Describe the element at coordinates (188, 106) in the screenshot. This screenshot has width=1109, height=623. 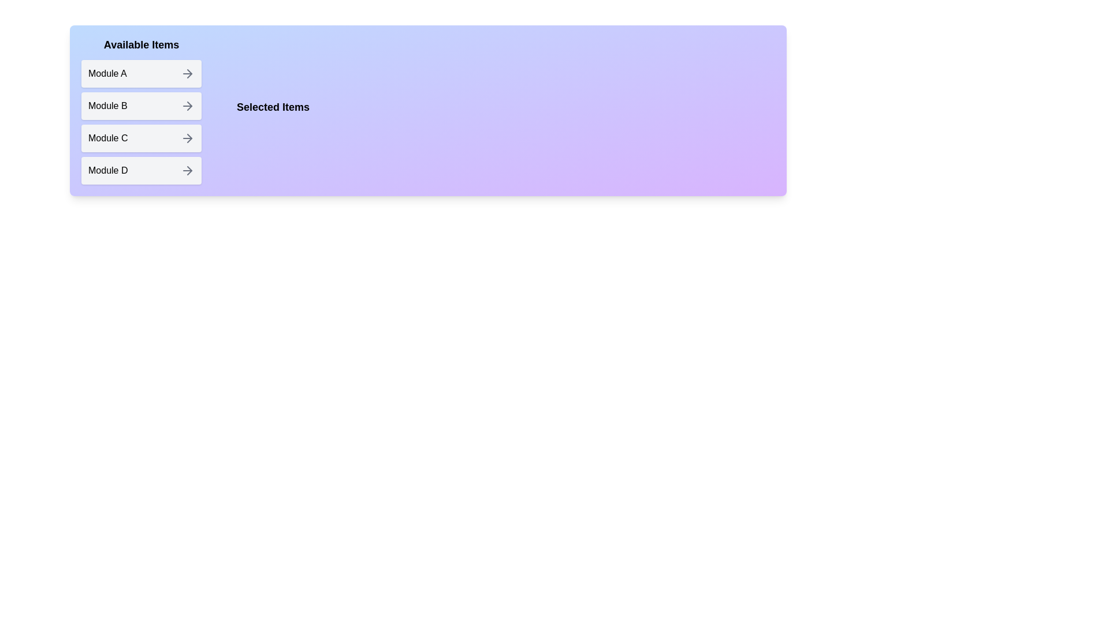
I see `arrow button next to the item Module B in the 'Available Items' list to transfer it to the 'Selected Items' list` at that location.